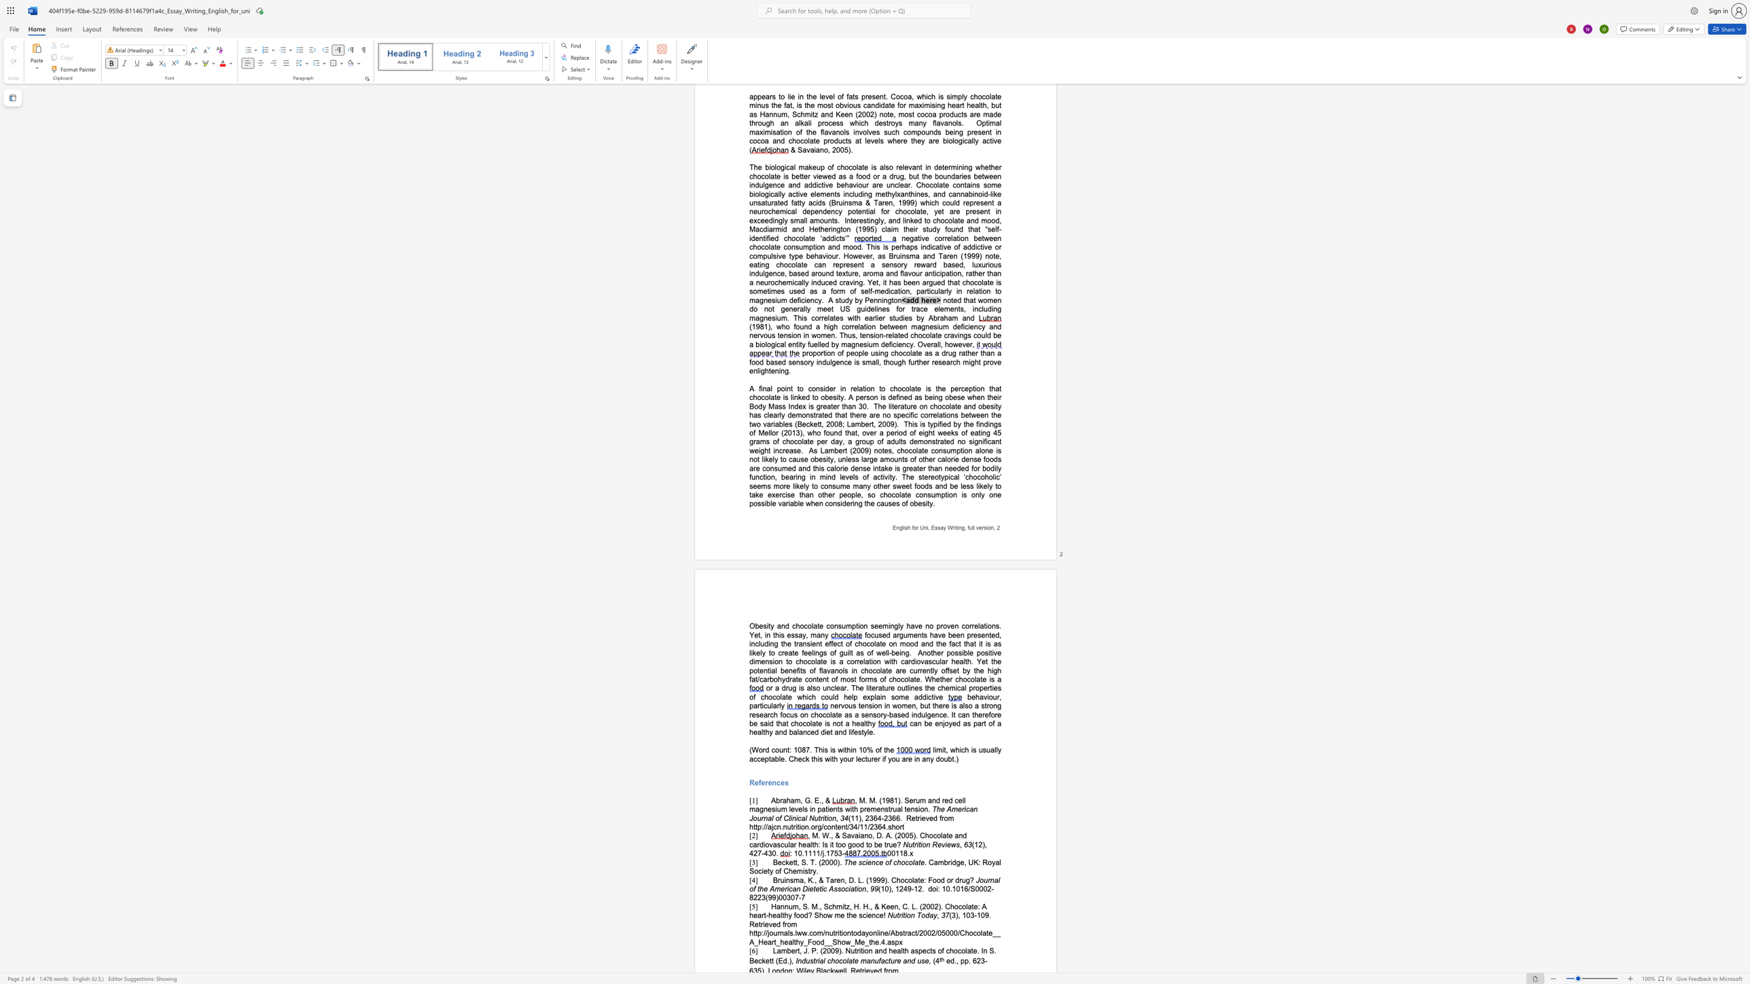  Describe the element at coordinates (810, 961) in the screenshot. I see `the subset text "str" within the text "Industrial chocolate manufacture and use,"` at that location.